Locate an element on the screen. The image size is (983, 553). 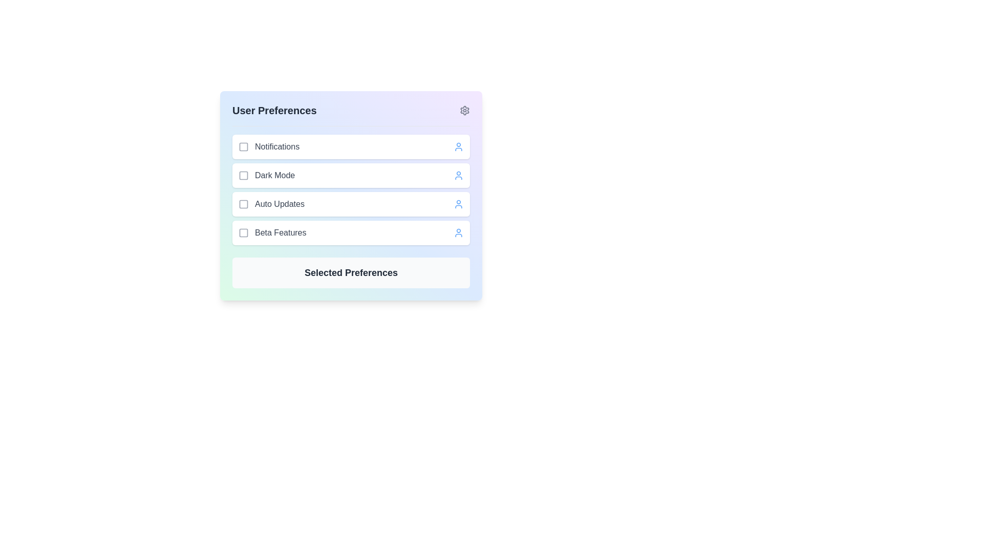
the checkbox is located at coordinates (243, 204).